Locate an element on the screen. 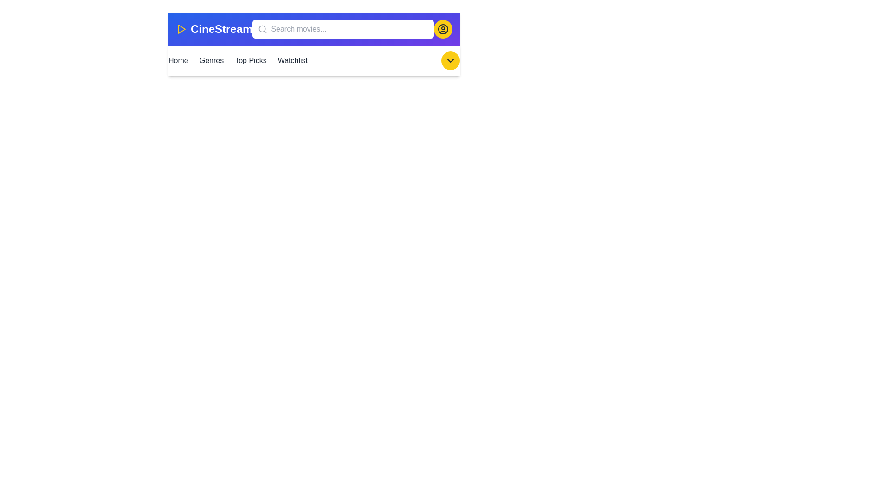 The height and width of the screenshot is (501, 891). the UserCircle icon to access user settings or profile is located at coordinates (443, 28).